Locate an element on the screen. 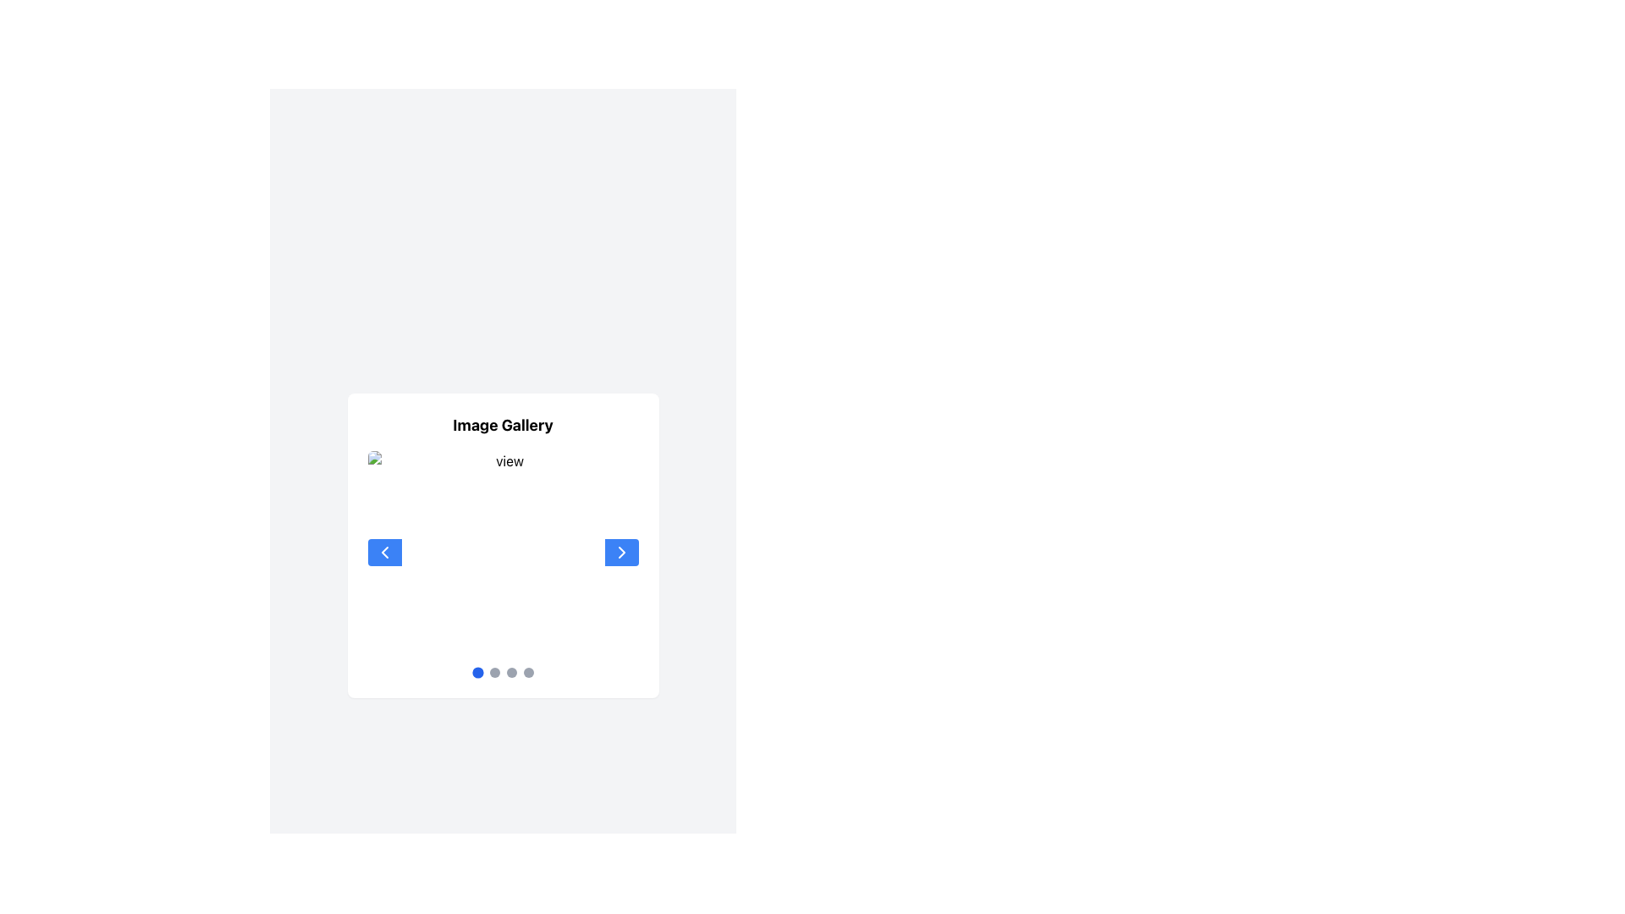 The height and width of the screenshot is (914, 1625). the title header of the image gallery section is located at coordinates (502, 424).